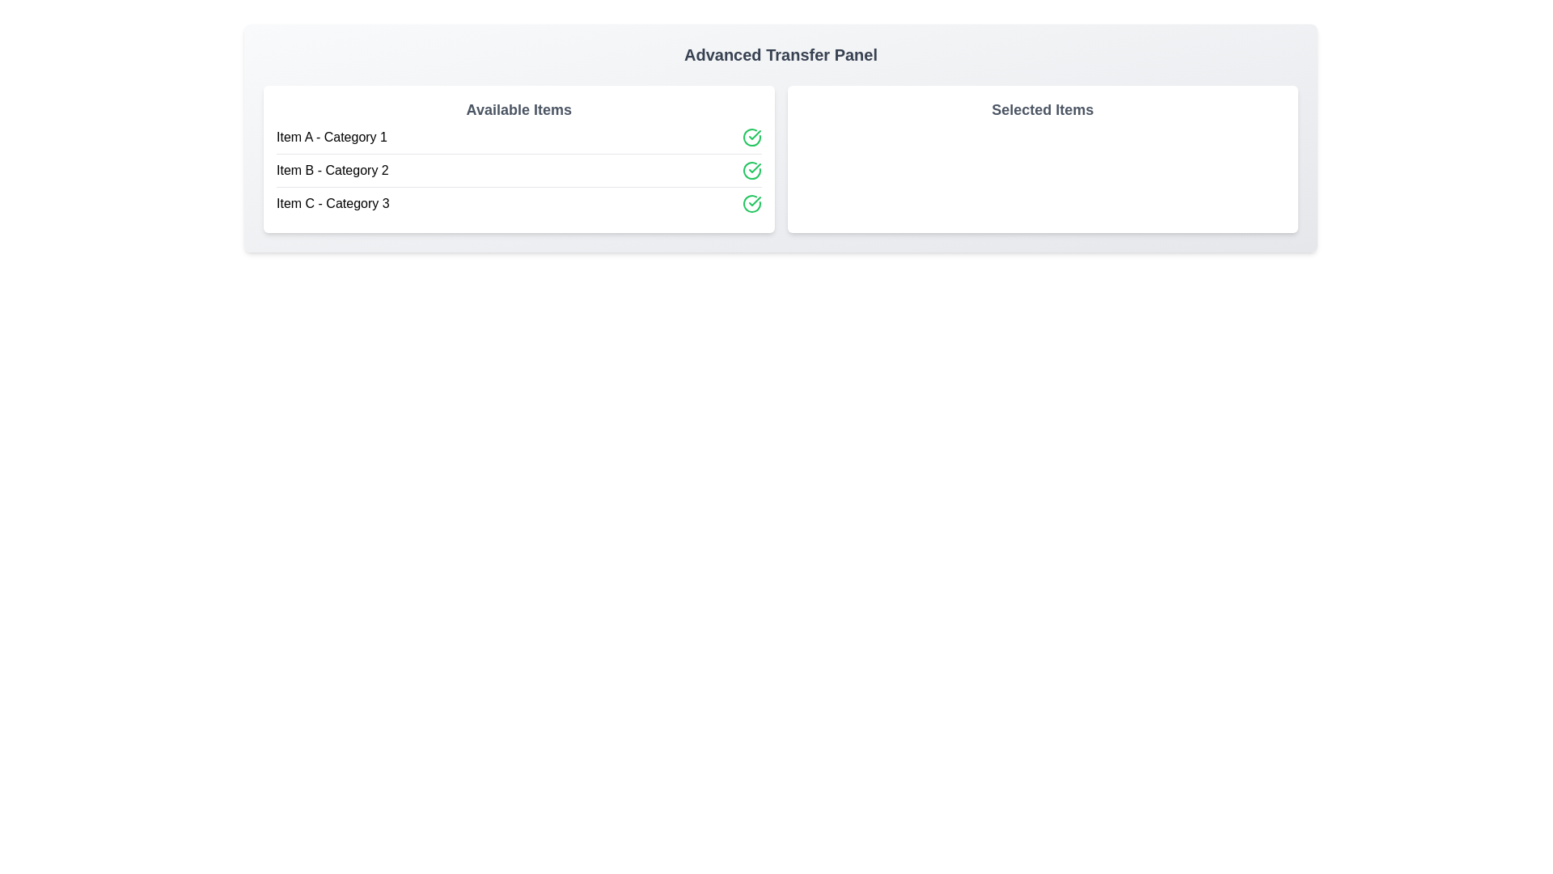 The width and height of the screenshot is (1553, 874). What do you see at coordinates (753, 201) in the screenshot?
I see `the checkmark icon in the rightmost column of the 'Available Items' list, specifically related to 'Item C - Category 3', to interact with it` at bounding box center [753, 201].